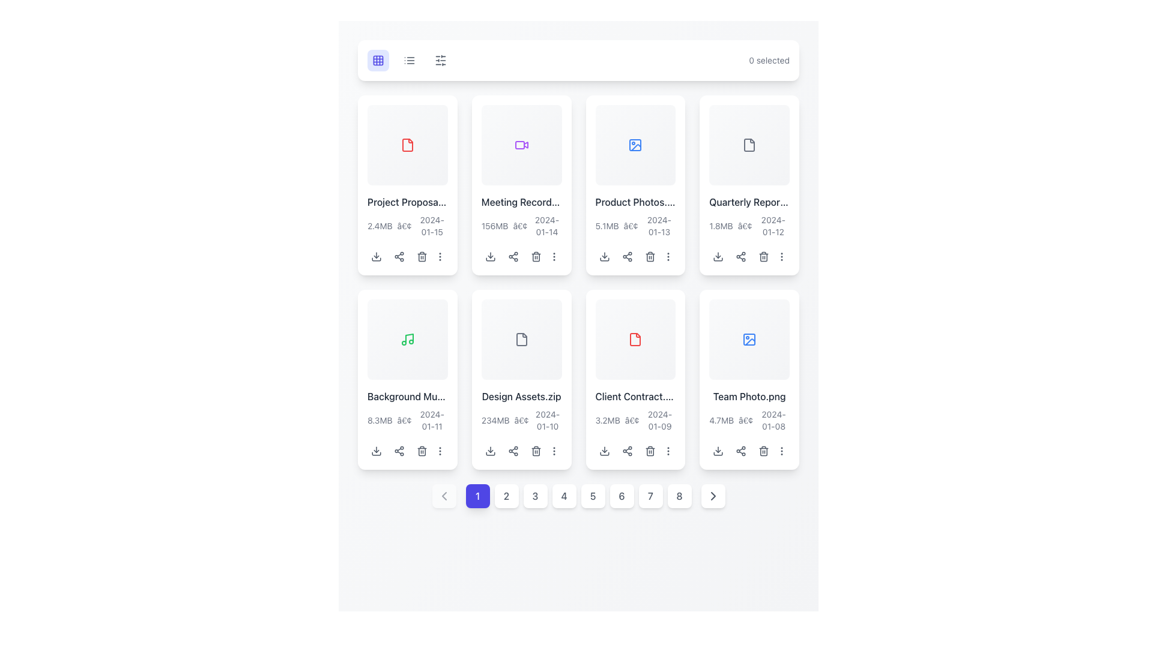  Describe the element at coordinates (749, 396) in the screenshot. I see `the text label displaying the file name 'Team Photo.png' located near the bottom of the card in the second row and last column of the grid layout` at that location.